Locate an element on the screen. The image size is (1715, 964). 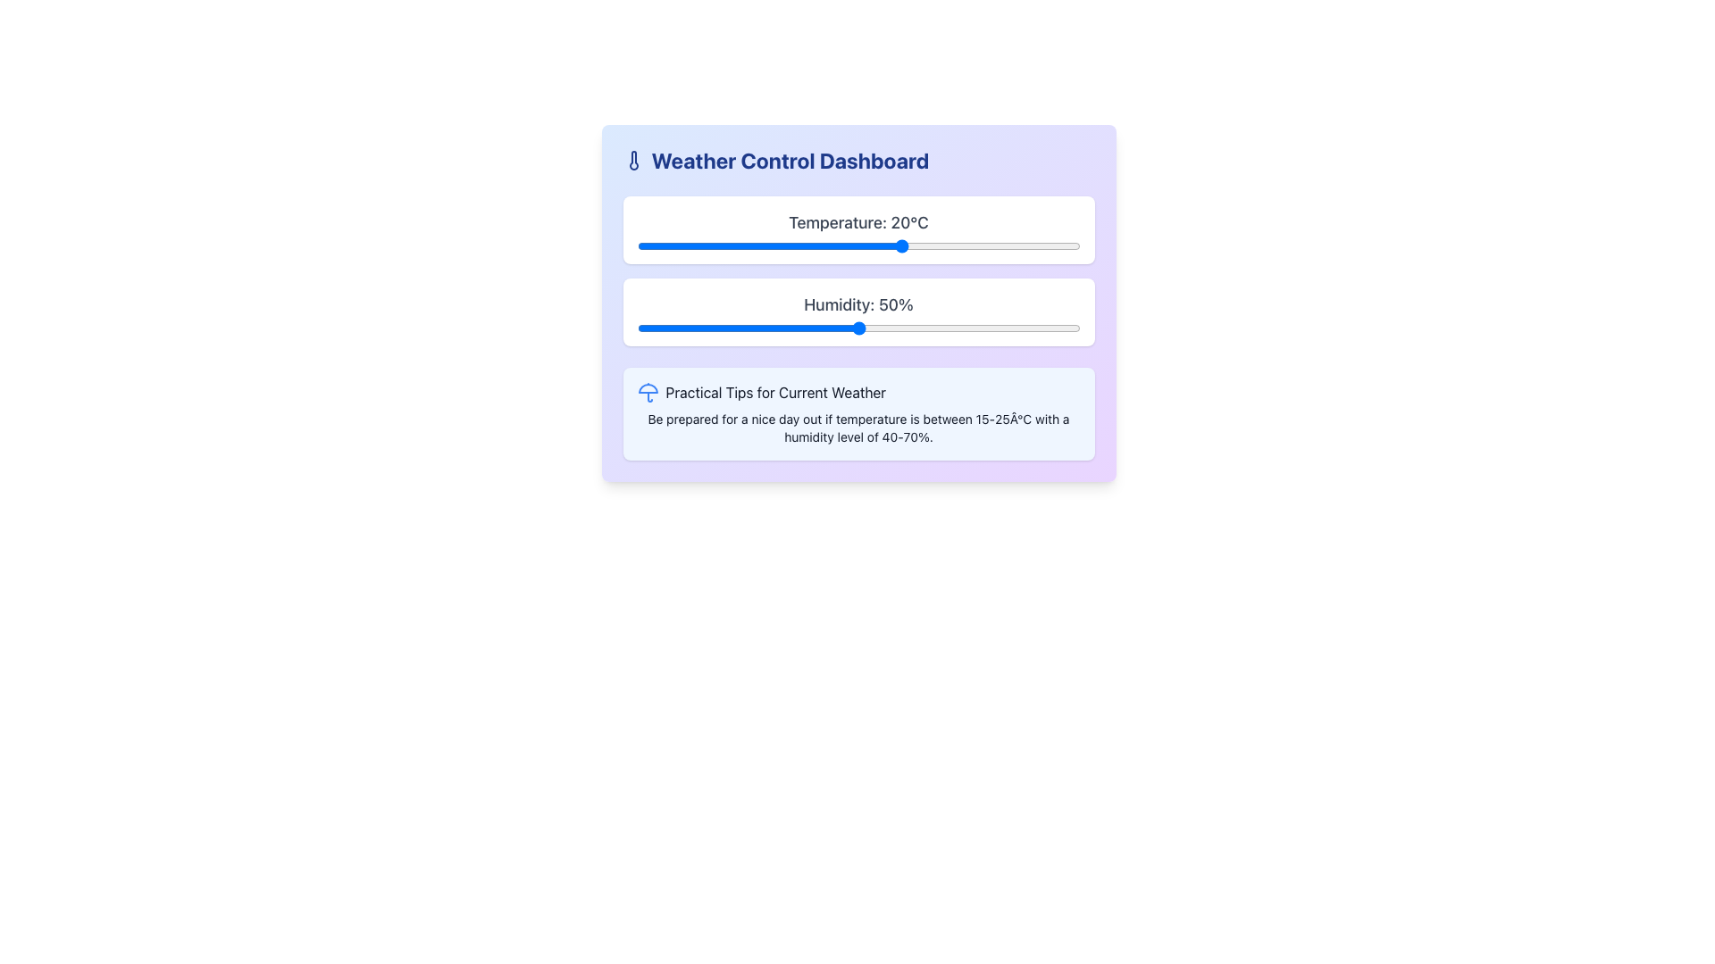
temperature is located at coordinates (929, 246).